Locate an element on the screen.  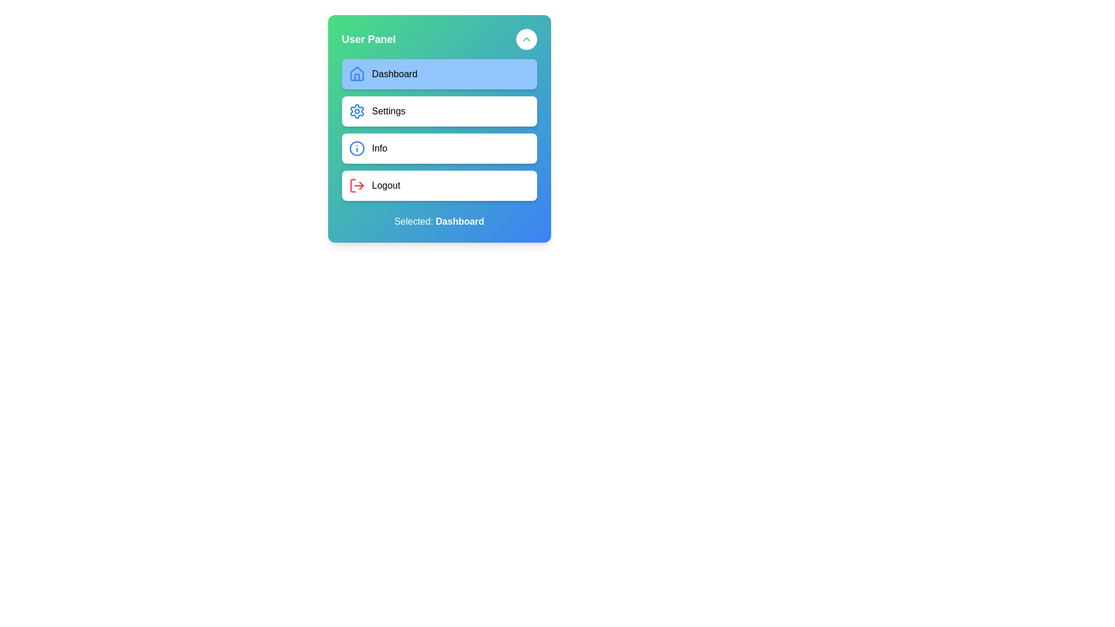
the 'Dashboard' text label within the 'Selected' section at the bottom of the user panel interface, which is styled in bold white font on a blue background is located at coordinates (459, 221).